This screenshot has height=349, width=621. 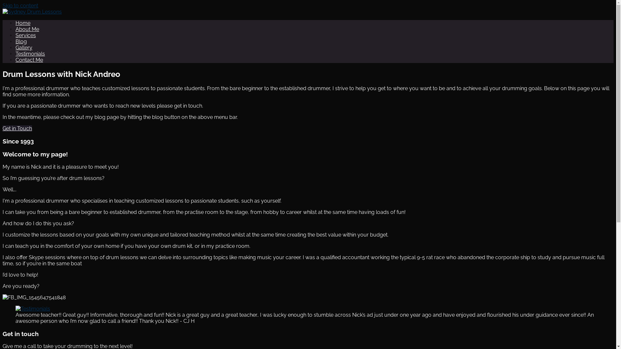 I want to click on 'Testimonials', so click(x=32, y=308).